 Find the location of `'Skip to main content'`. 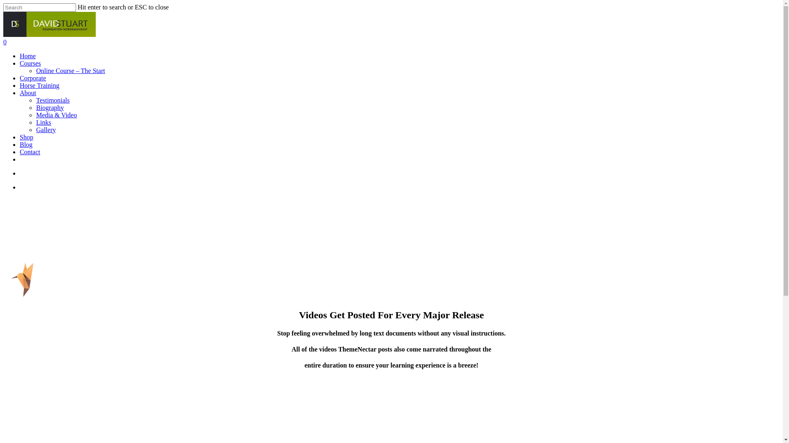

'Skip to main content' is located at coordinates (3, 3).